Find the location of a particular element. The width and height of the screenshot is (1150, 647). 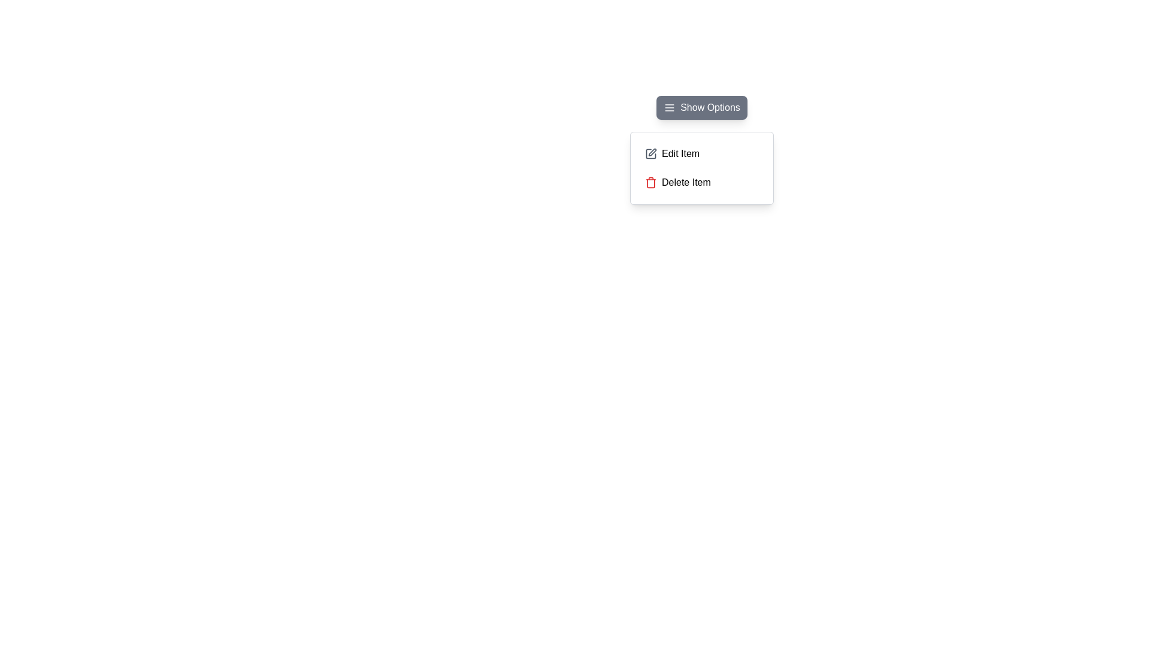

the menu icon consisting of three horizontally aligned lines, which is embedded in the 'Show Options' button and positioned at its left side is located at coordinates (669, 108).